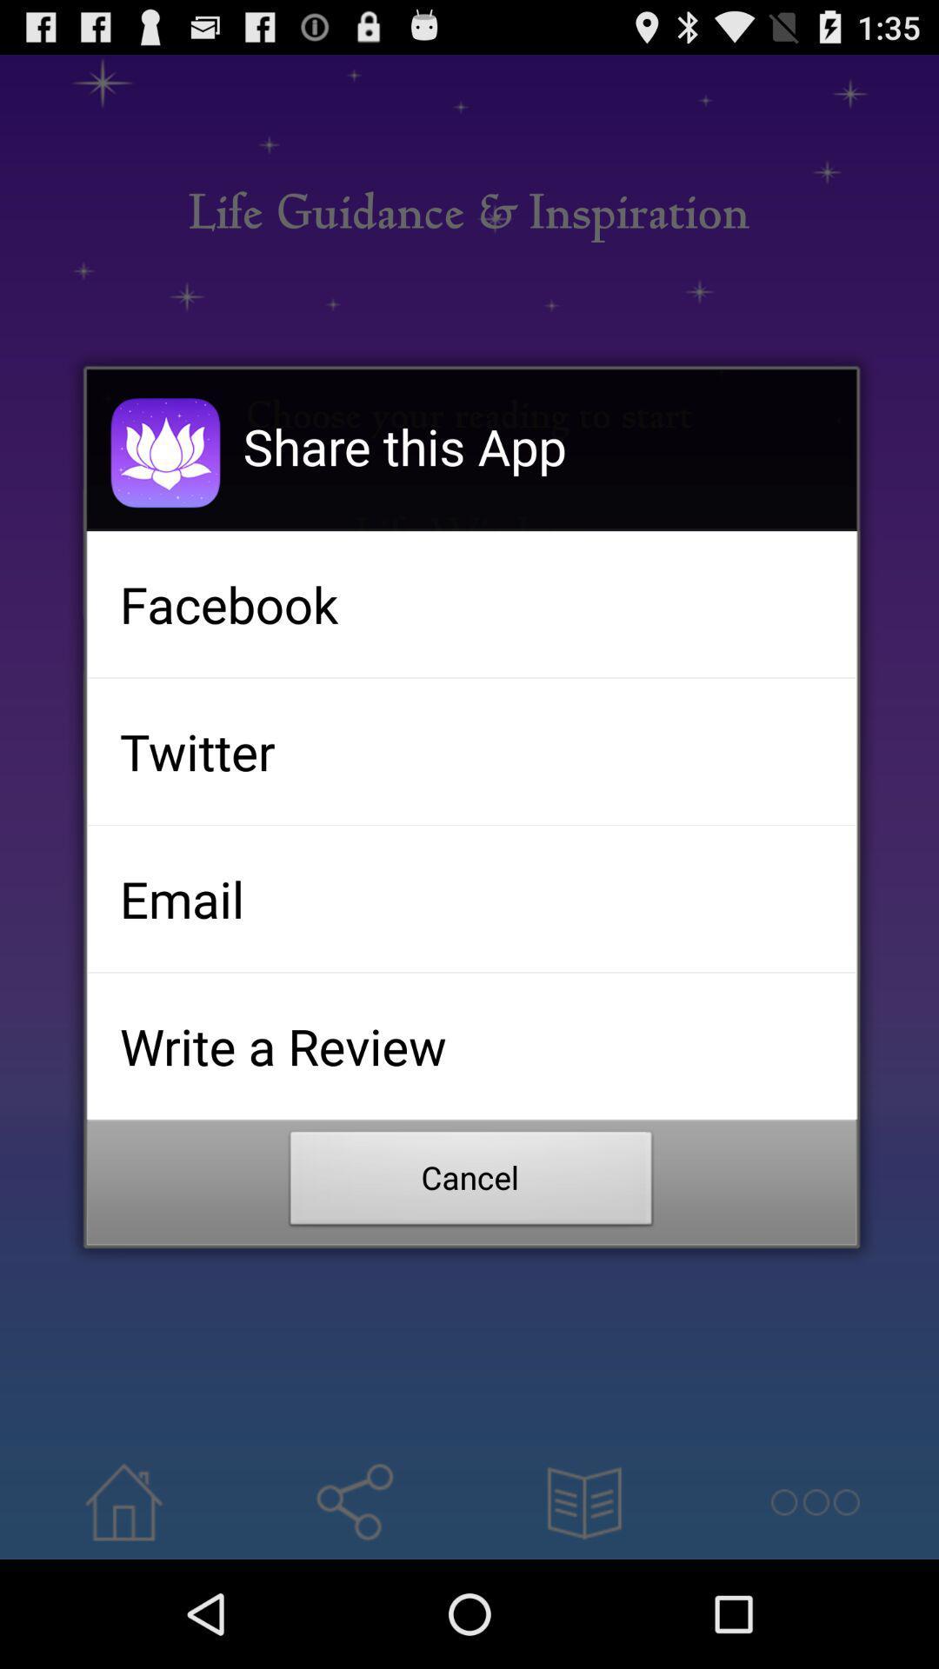 This screenshot has width=939, height=1669. What do you see at coordinates (471, 1182) in the screenshot?
I see `the app below the write a review item` at bounding box center [471, 1182].